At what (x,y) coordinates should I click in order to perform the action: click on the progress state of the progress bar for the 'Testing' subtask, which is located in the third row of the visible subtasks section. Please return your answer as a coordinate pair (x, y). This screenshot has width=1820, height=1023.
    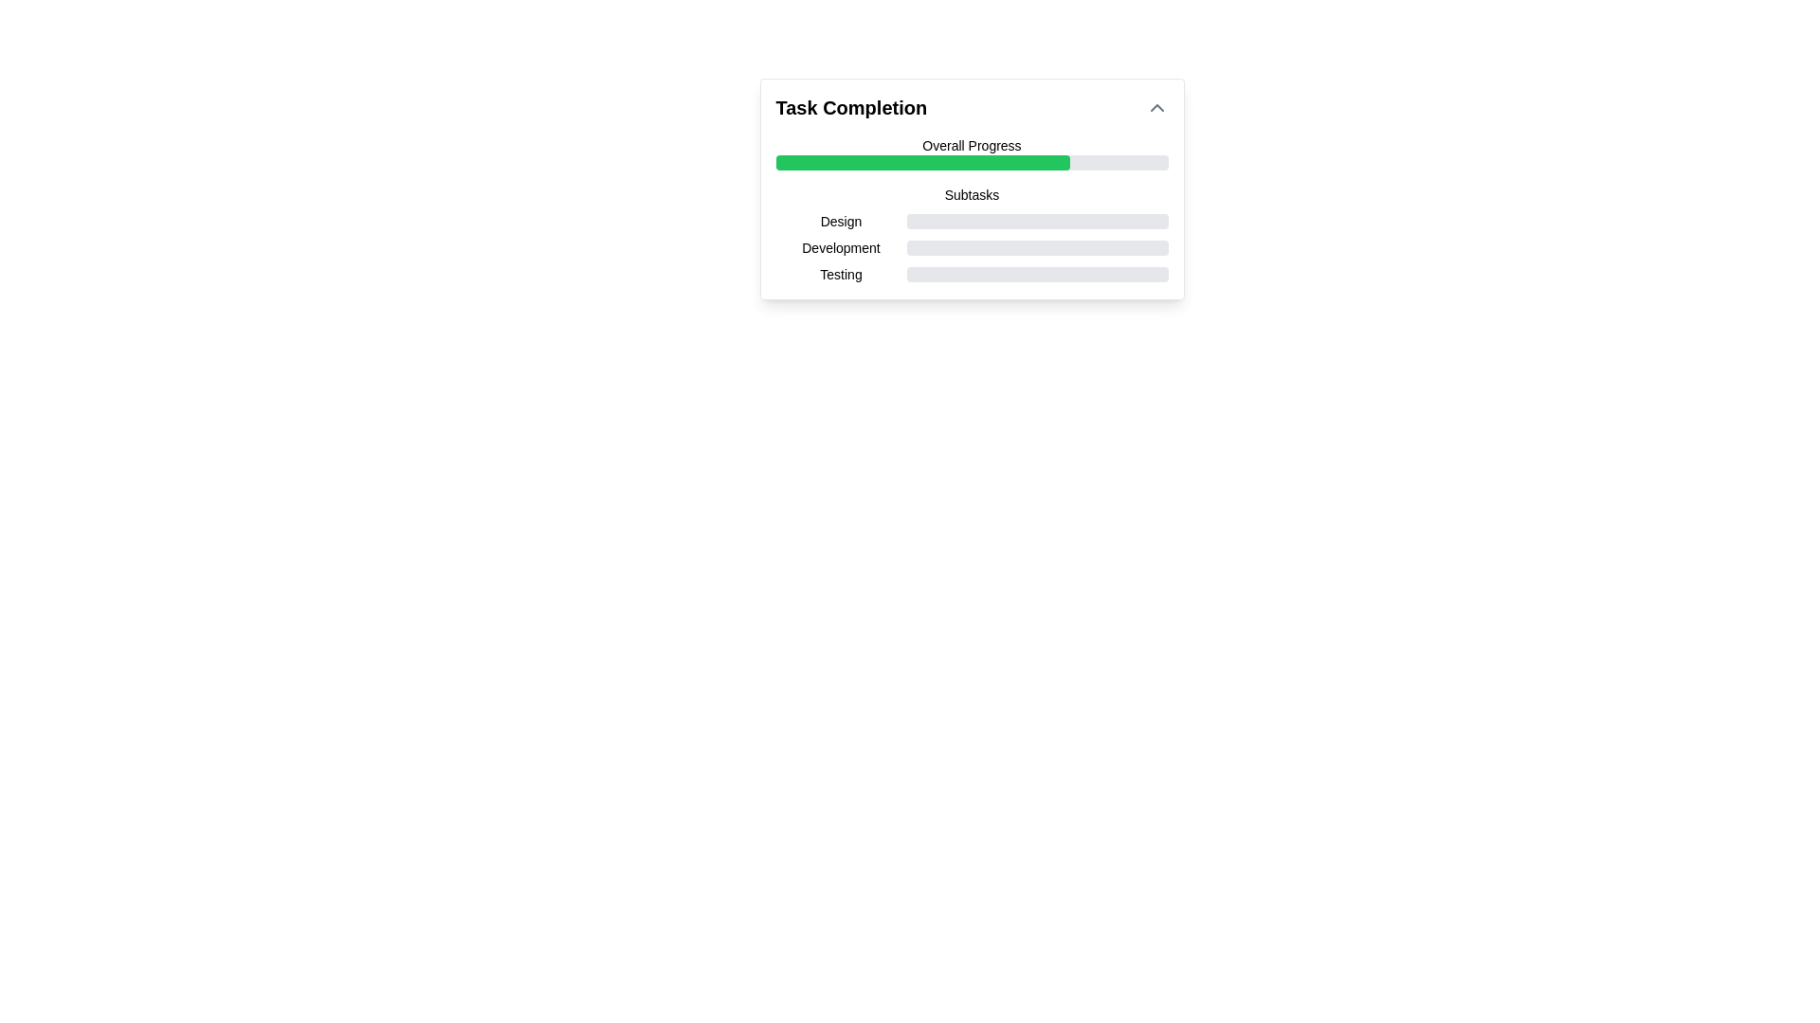
    Looking at the image, I should click on (1036, 274).